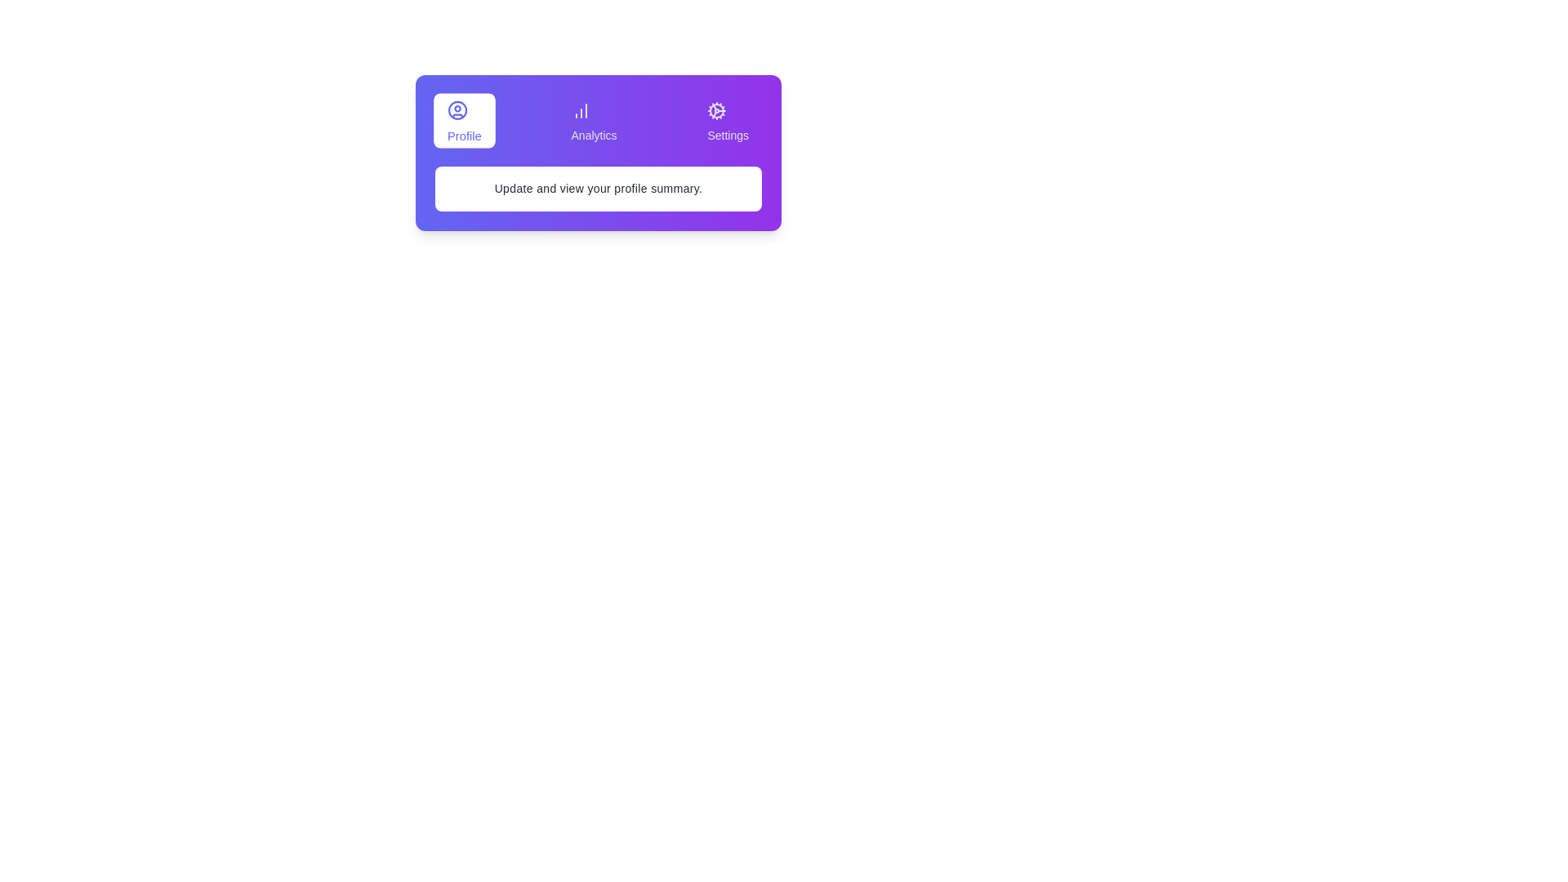 Image resolution: width=1568 pixels, height=882 pixels. What do you see at coordinates (463, 119) in the screenshot?
I see `the Profile tab to trigger hover effects` at bounding box center [463, 119].